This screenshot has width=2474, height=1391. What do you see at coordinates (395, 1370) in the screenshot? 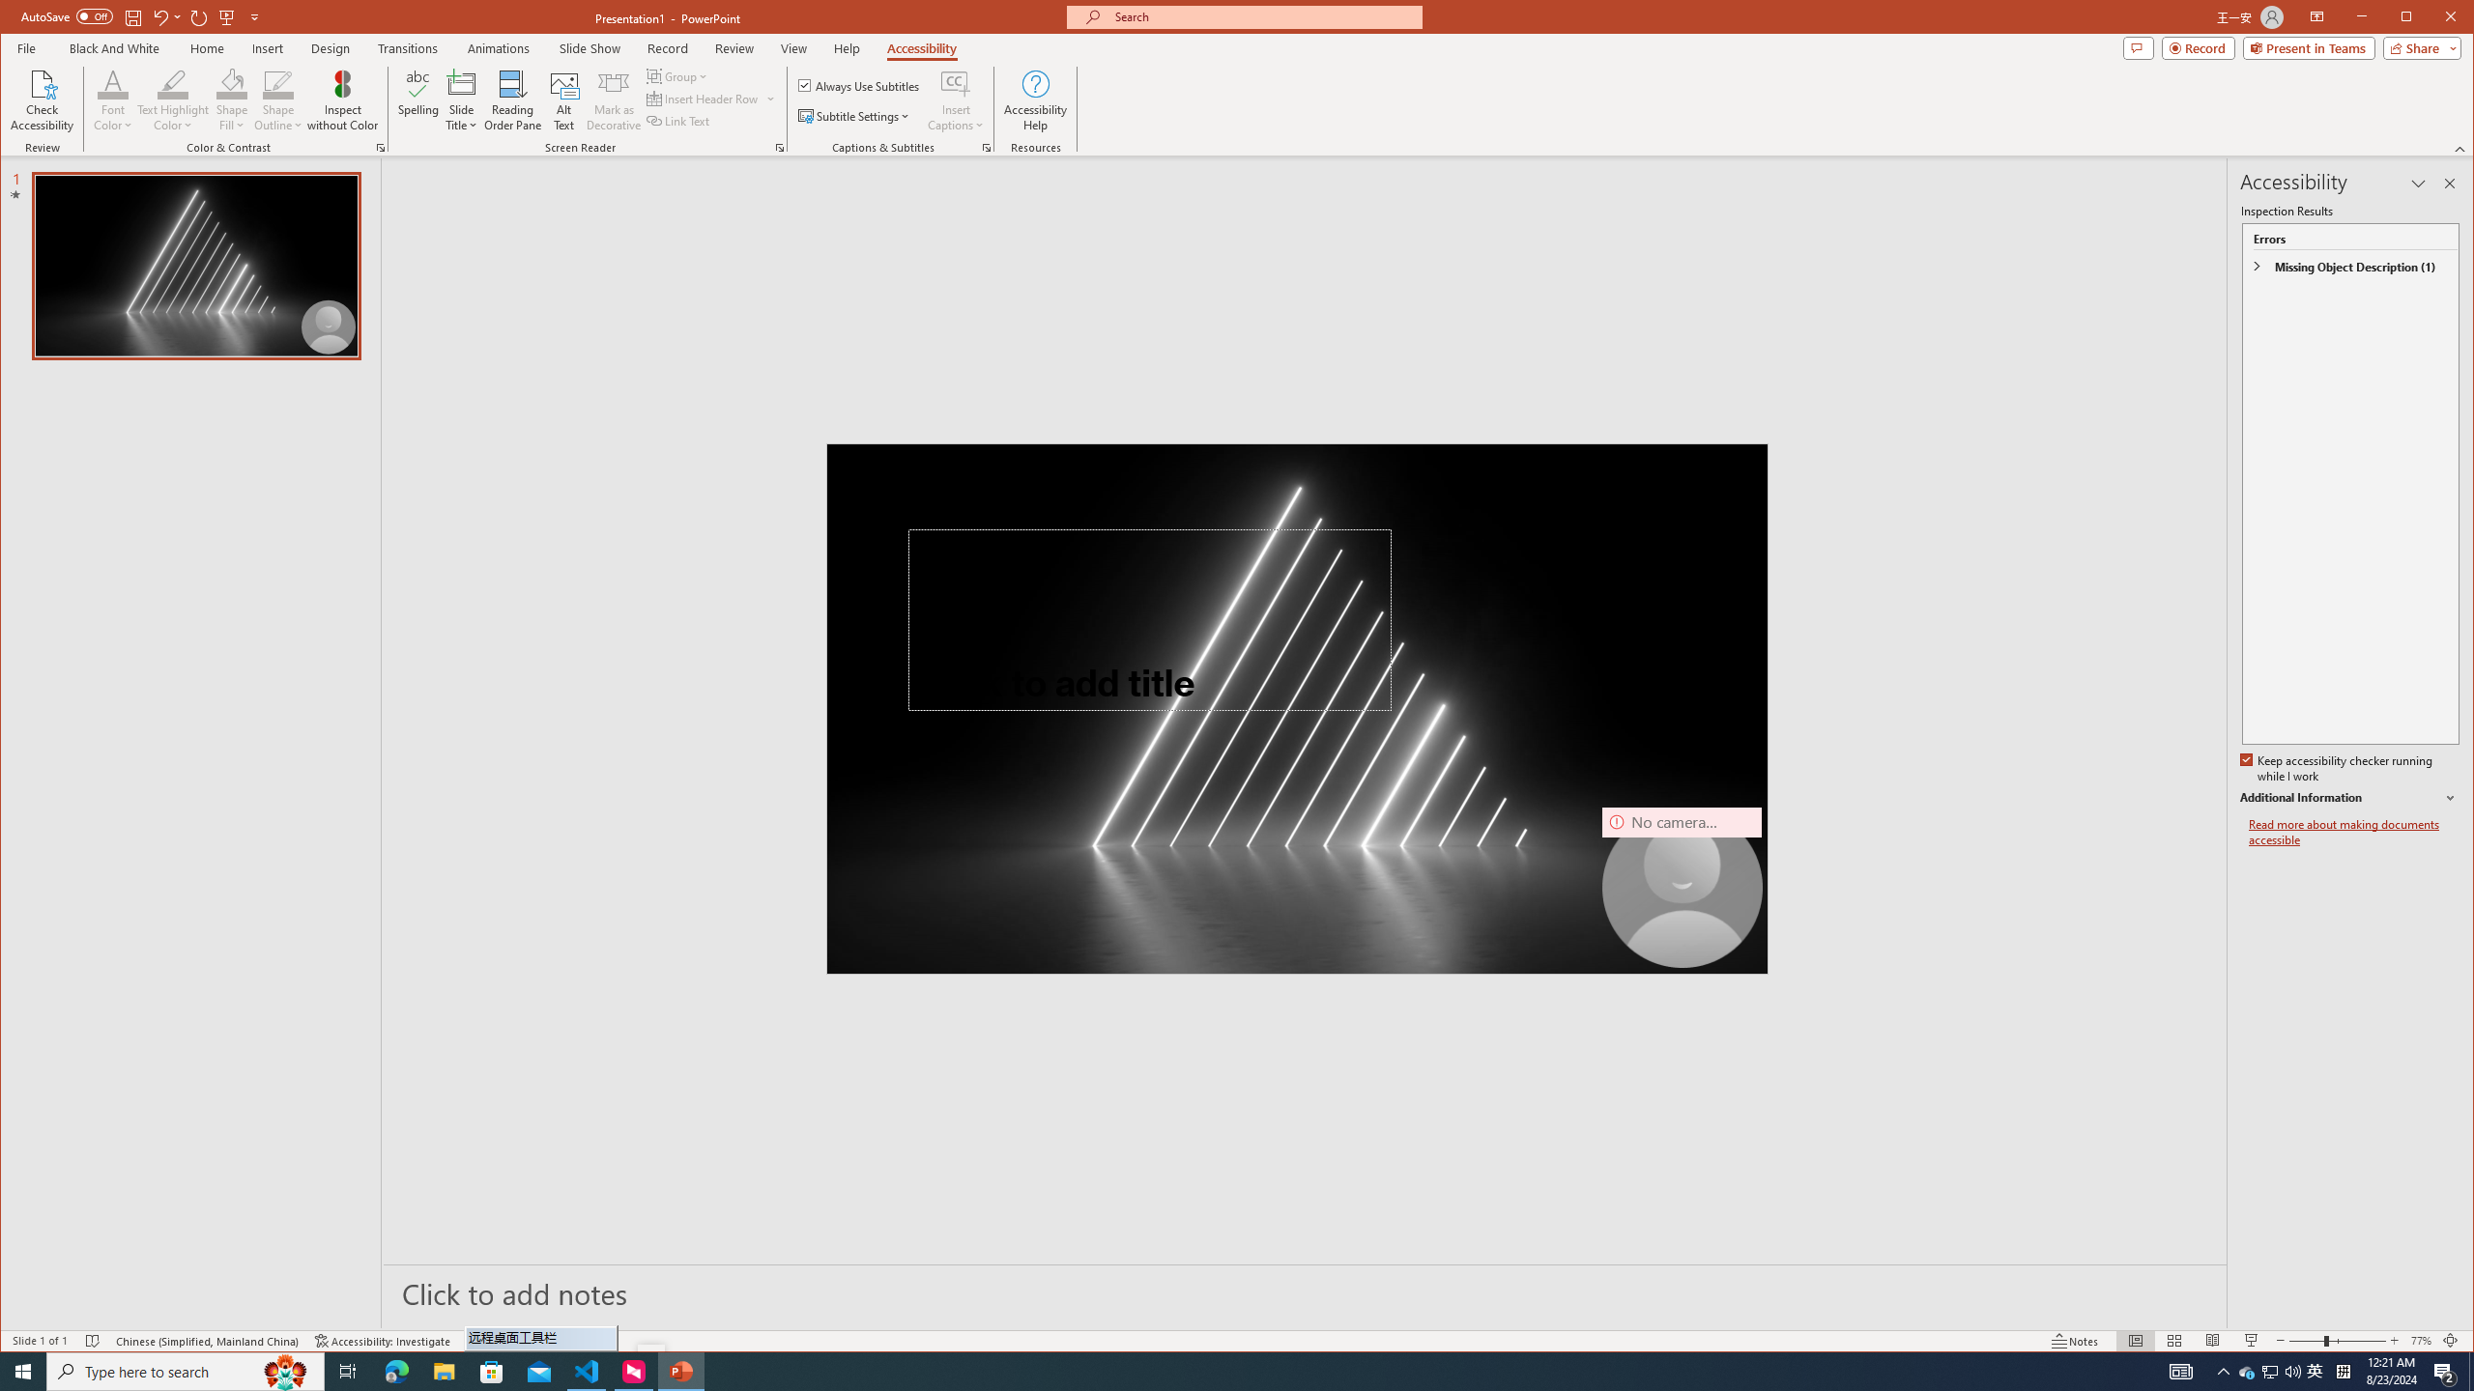
I see `'Microsoft Edge'` at bounding box center [395, 1370].